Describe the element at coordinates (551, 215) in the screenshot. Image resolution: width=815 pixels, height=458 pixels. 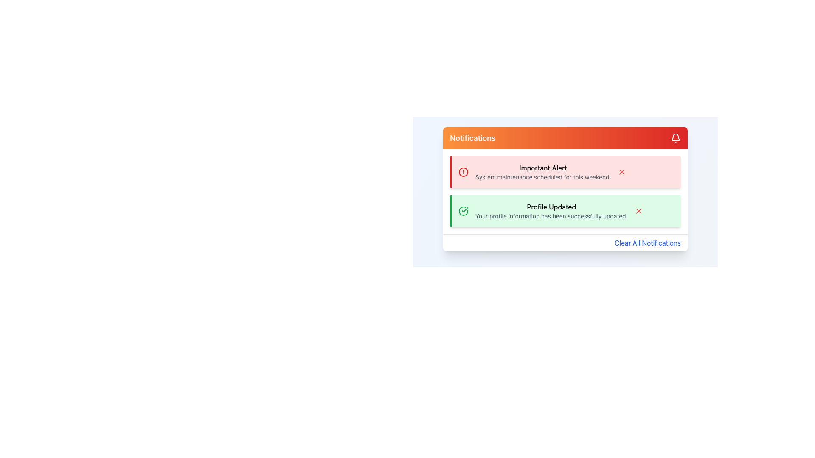
I see `message displayed in the text label that indicates 'Your profile information has been successfully updated.' located below the 'Profile Updated' title text in the green notification card` at that location.